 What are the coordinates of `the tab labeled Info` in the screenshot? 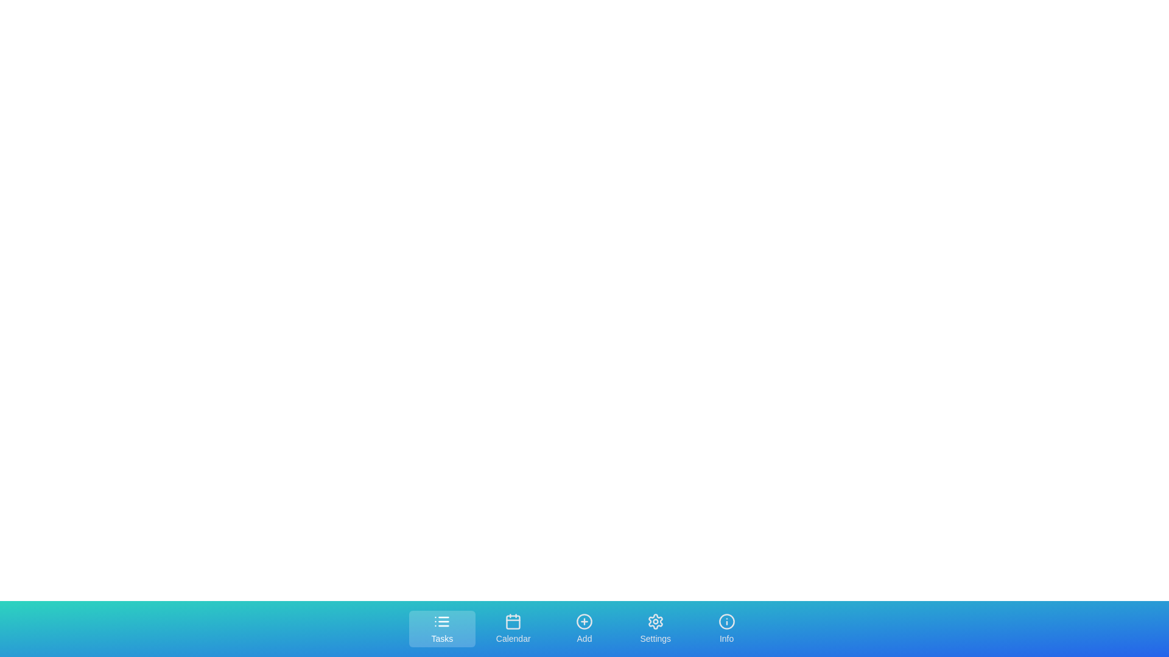 It's located at (727, 628).